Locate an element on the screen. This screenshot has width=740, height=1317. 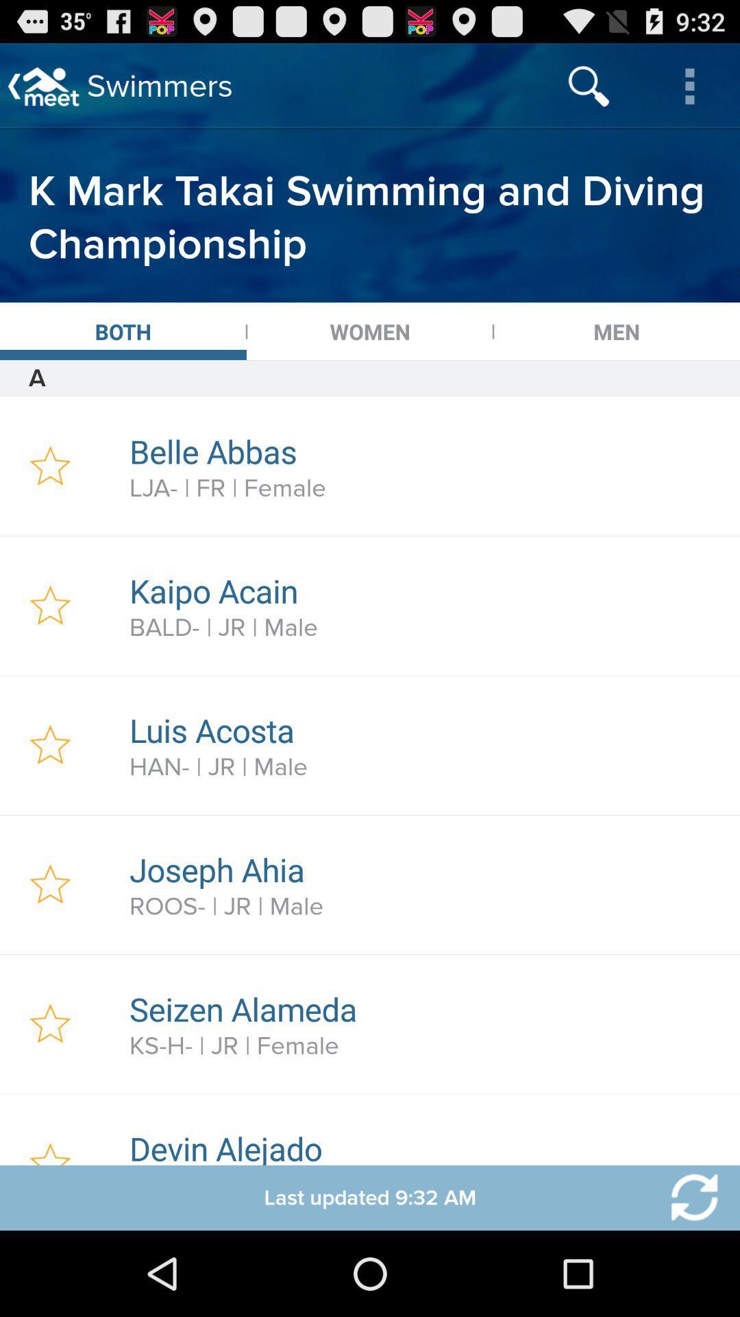
the search icon is located at coordinates (588, 85).